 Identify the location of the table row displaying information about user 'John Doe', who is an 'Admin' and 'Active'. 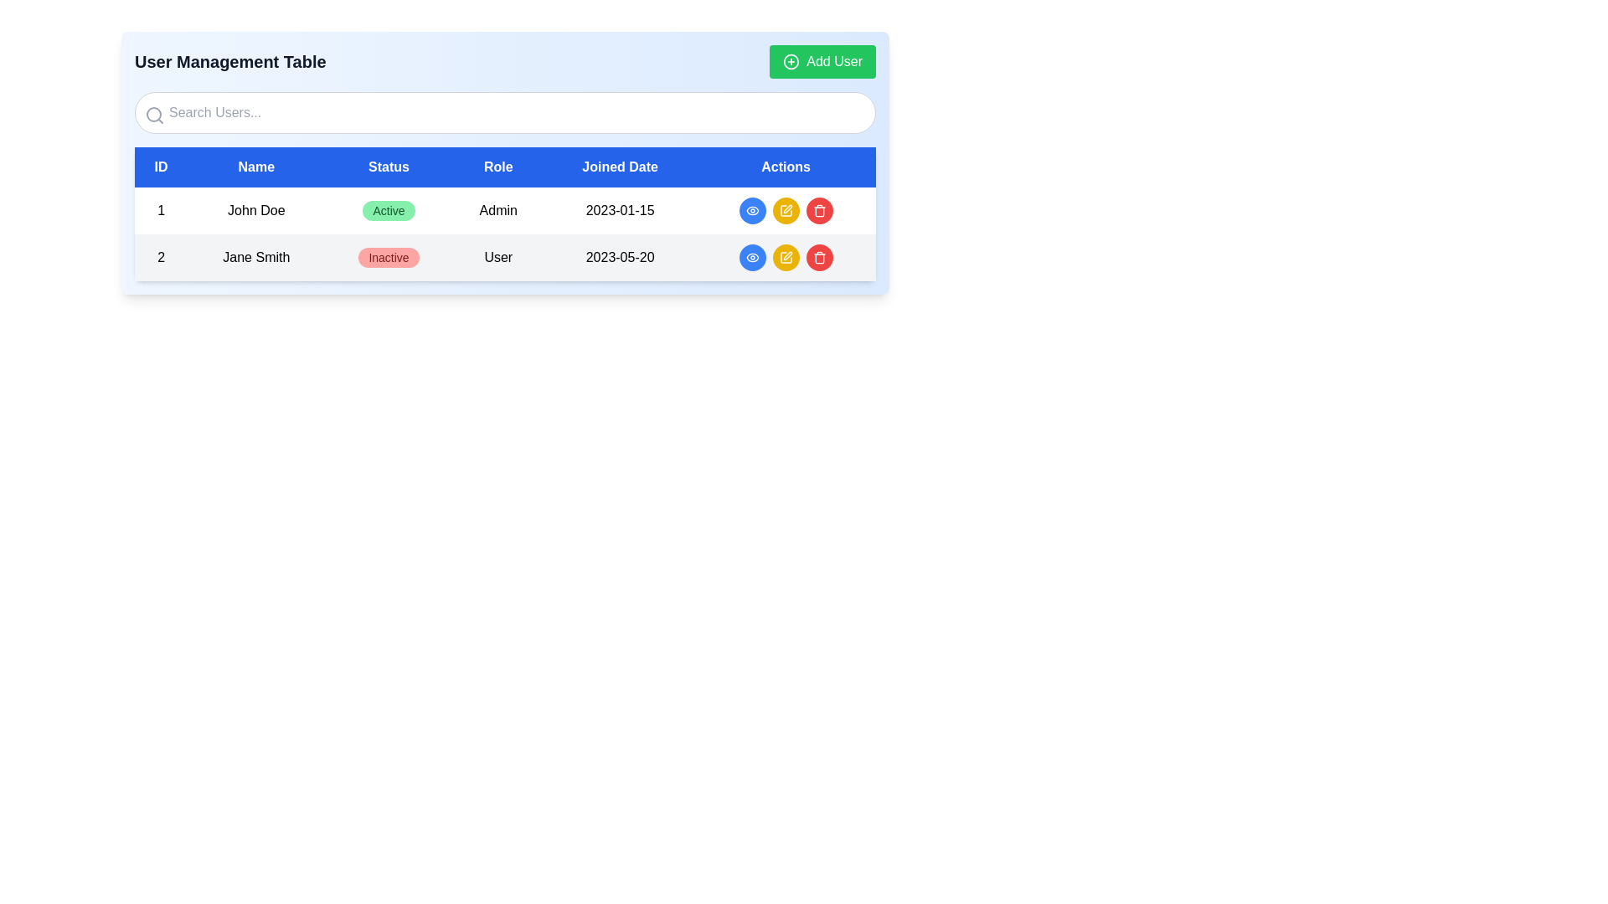
(504, 234).